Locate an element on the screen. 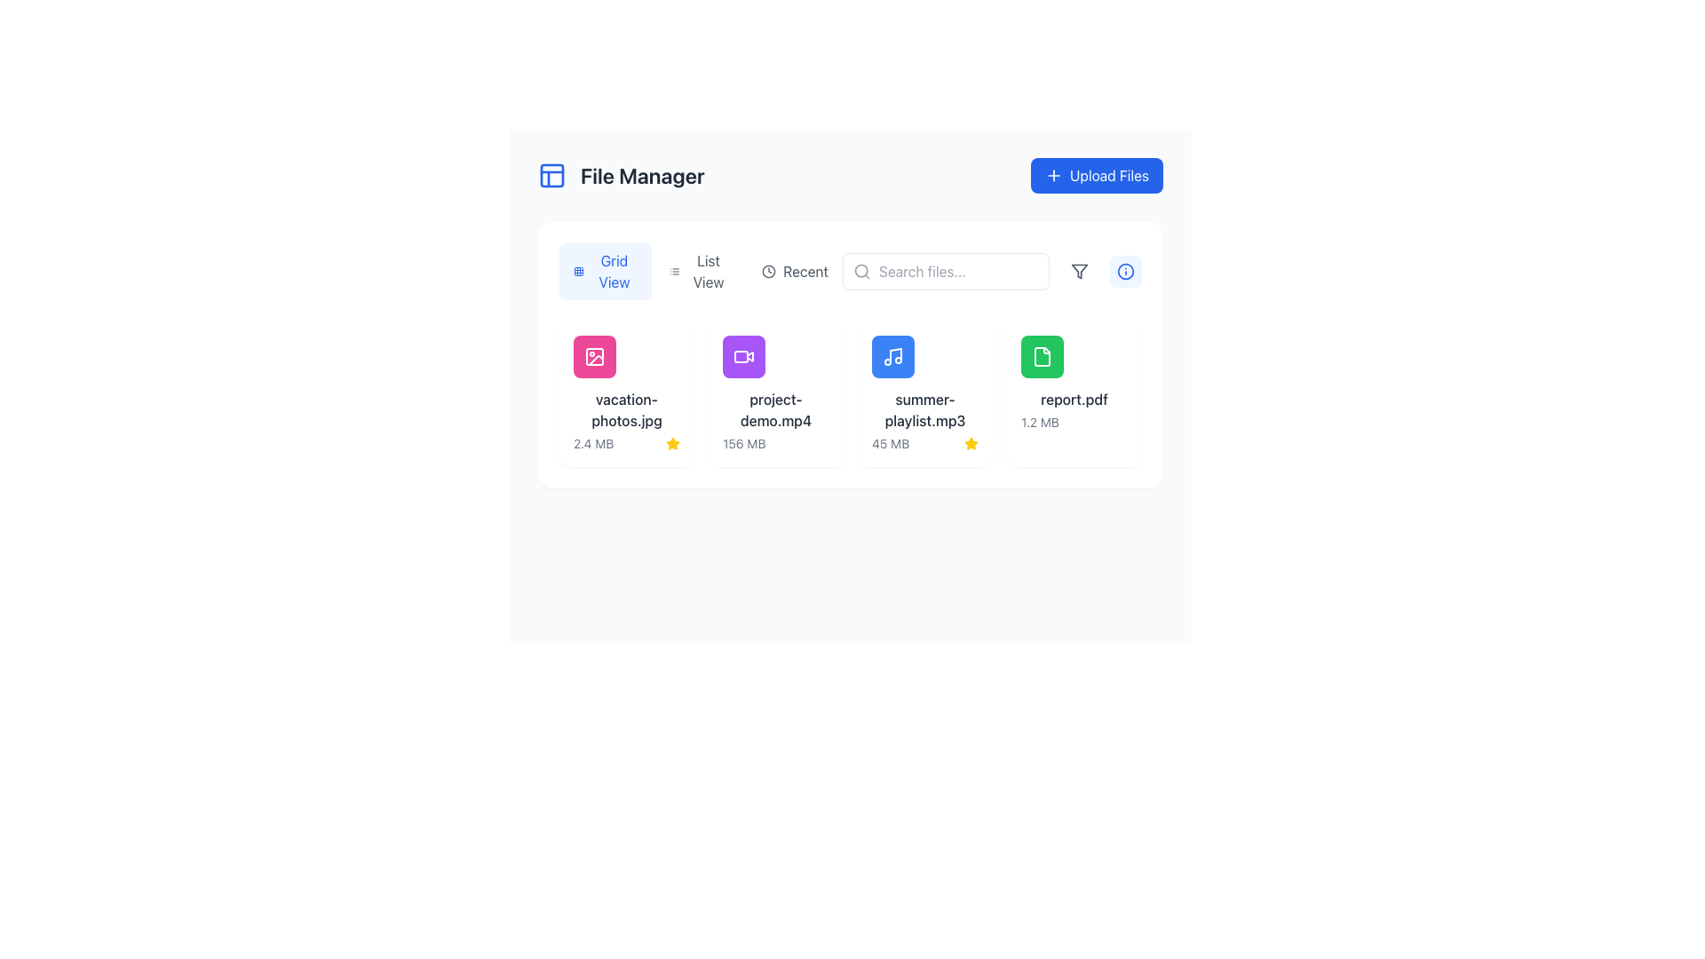 The width and height of the screenshot is (1705, 959). the Toggle buttons group located below the 'File Manager' header for keyboard navigation is located at coordinates (850, 271).